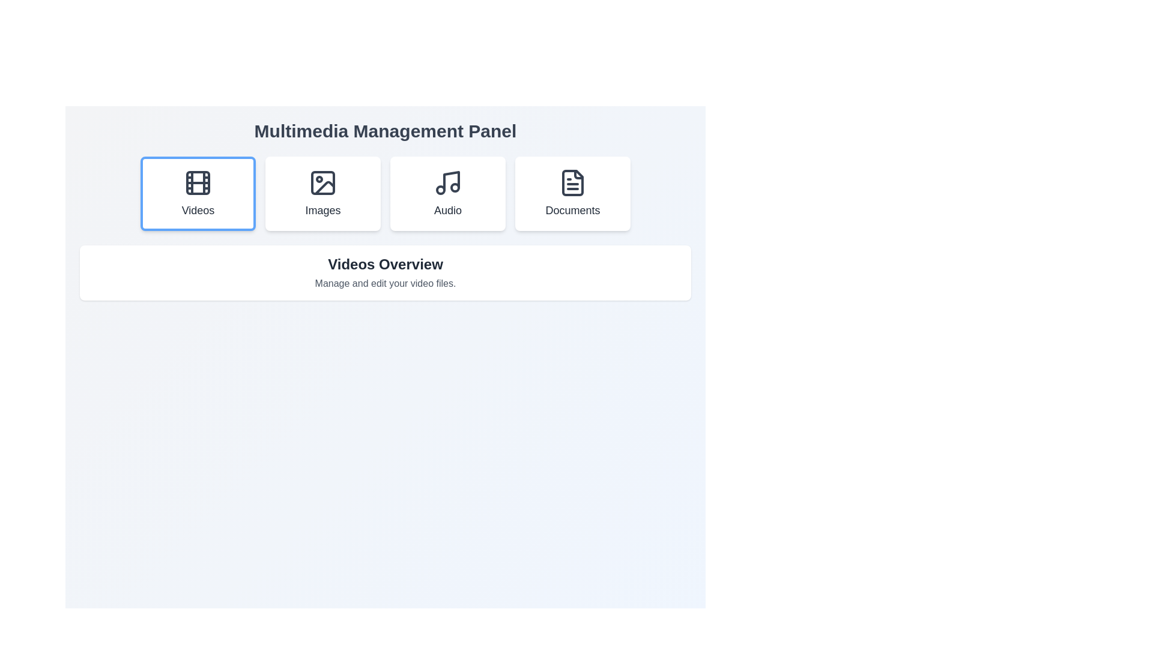 This screenshot has width=1153, height=648. I want to click on the 'Documents' icon, which is the primary icon located at the top of the 'Documents' interactive button in the far-right column of the main options panel, so click(572, 182).